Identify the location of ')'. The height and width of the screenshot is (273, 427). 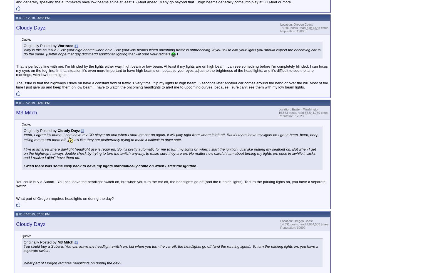
(175, 54).